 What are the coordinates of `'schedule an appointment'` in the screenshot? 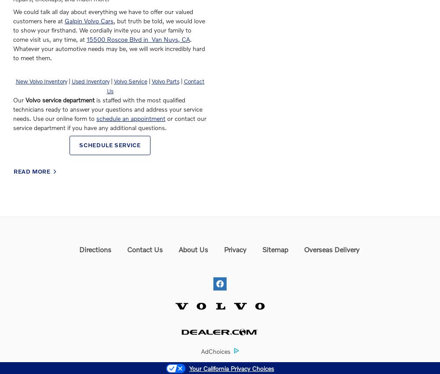 It's located at (131, 118).